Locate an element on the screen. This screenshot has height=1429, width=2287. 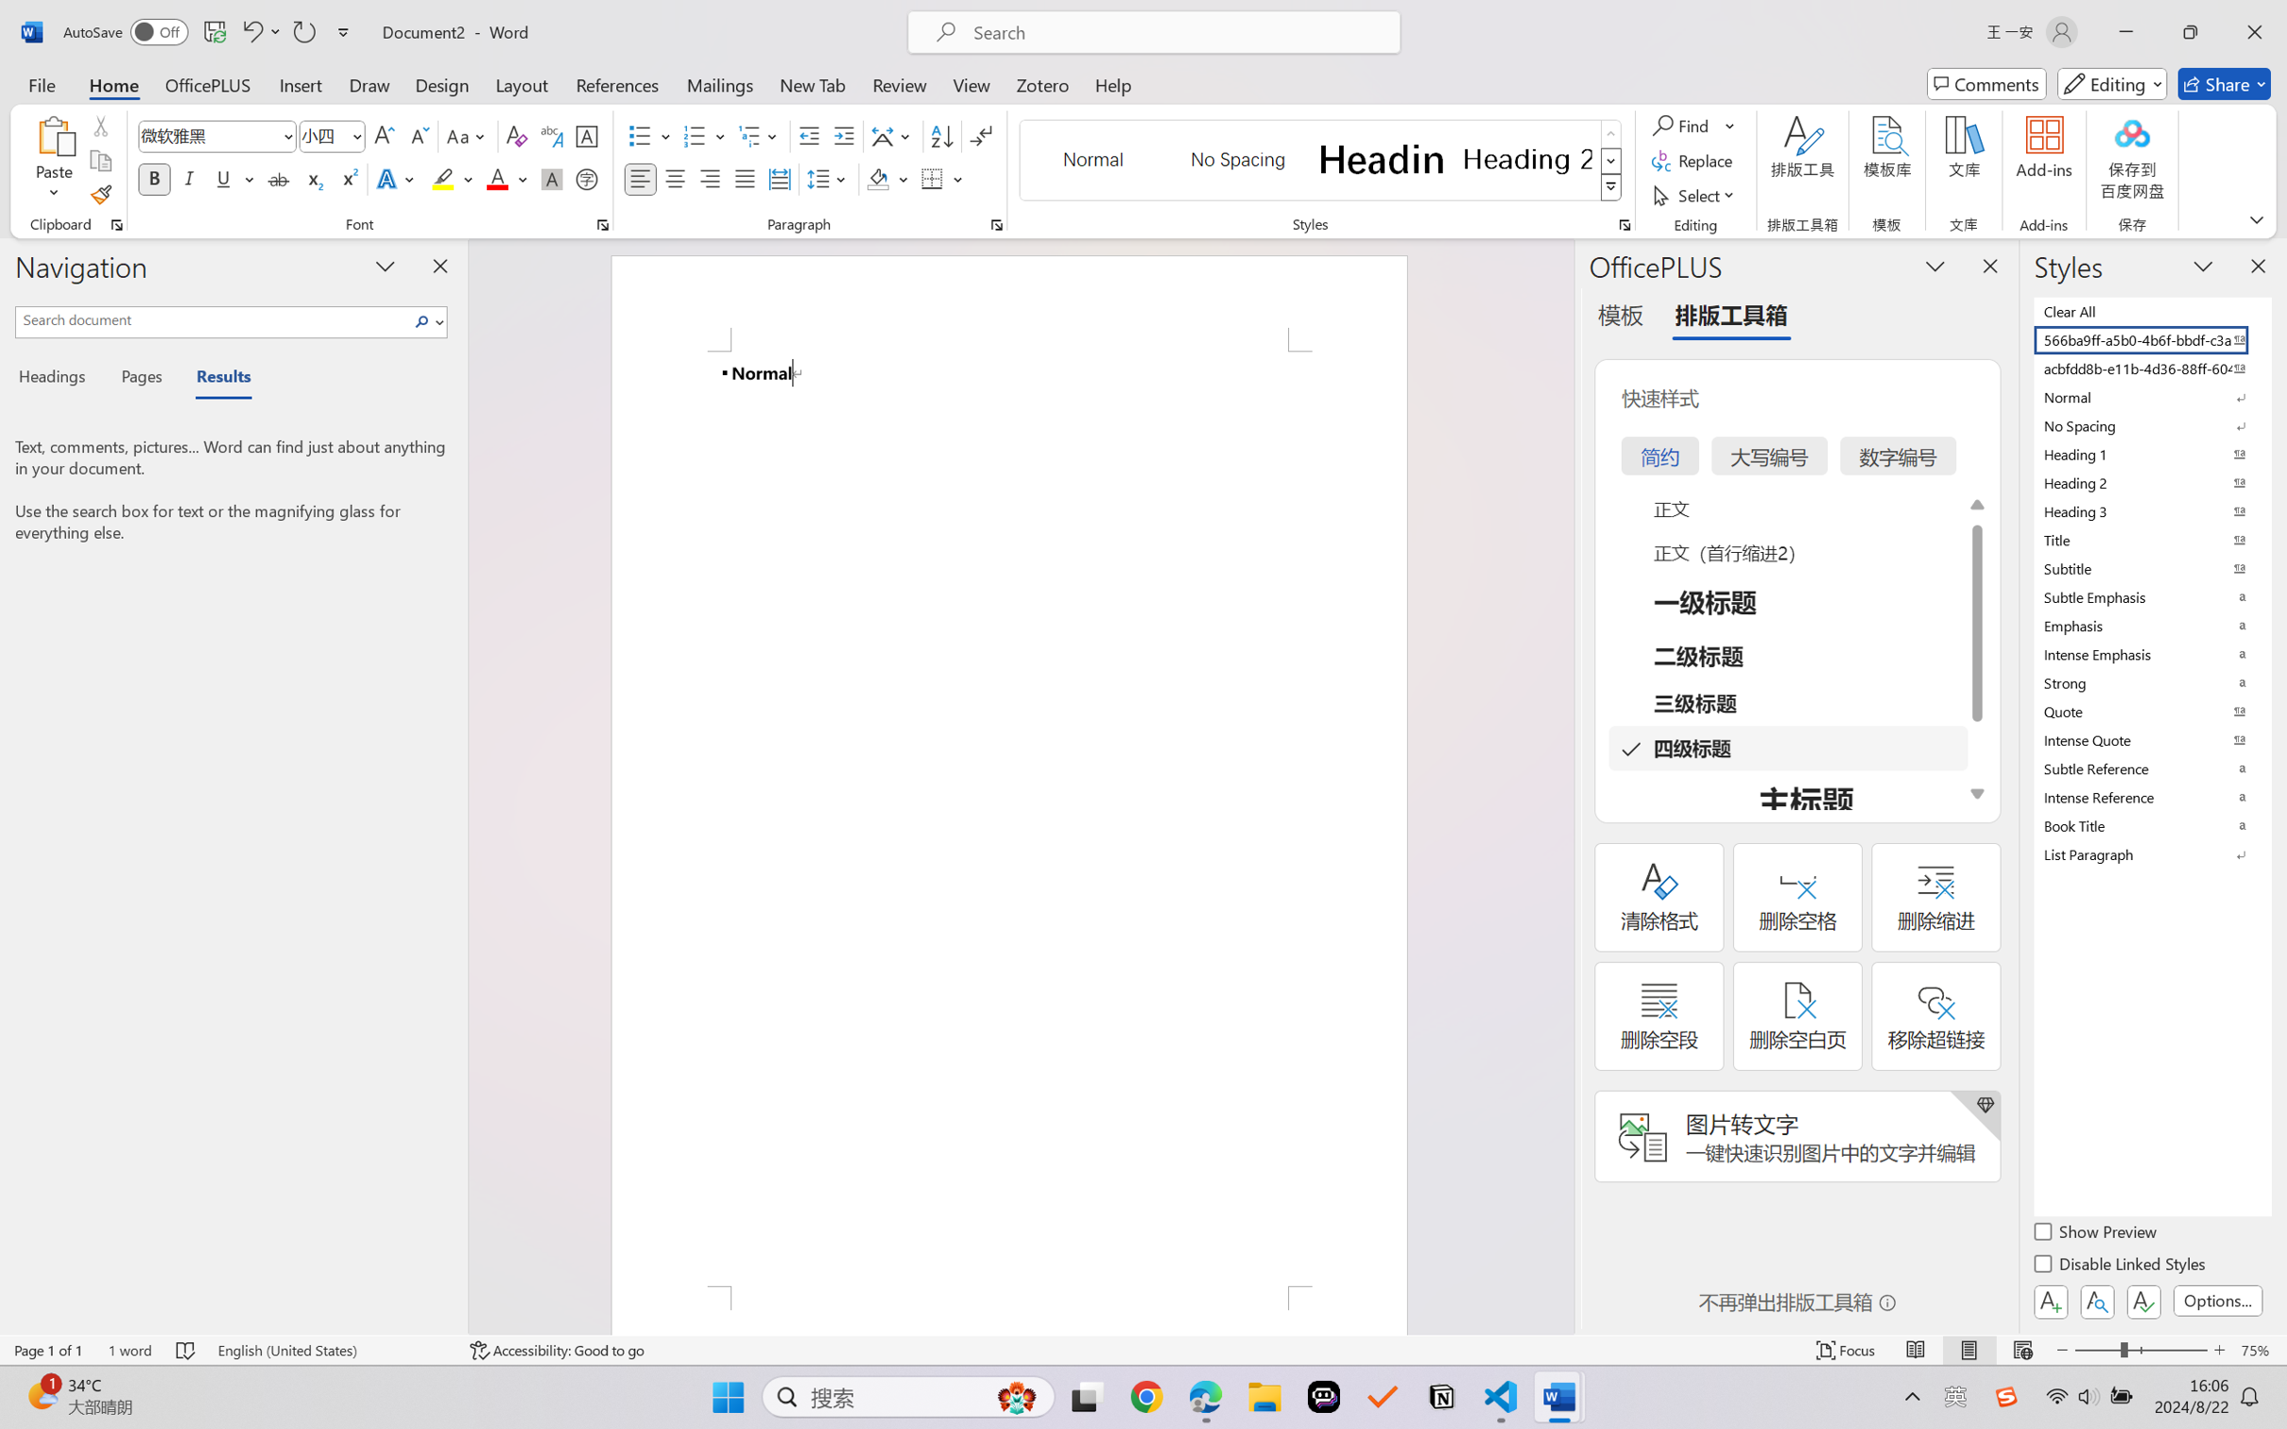
'acbfdd8b-e11b-4d36-88ff-6049b138f862' is located at coordinates (2150, 367).